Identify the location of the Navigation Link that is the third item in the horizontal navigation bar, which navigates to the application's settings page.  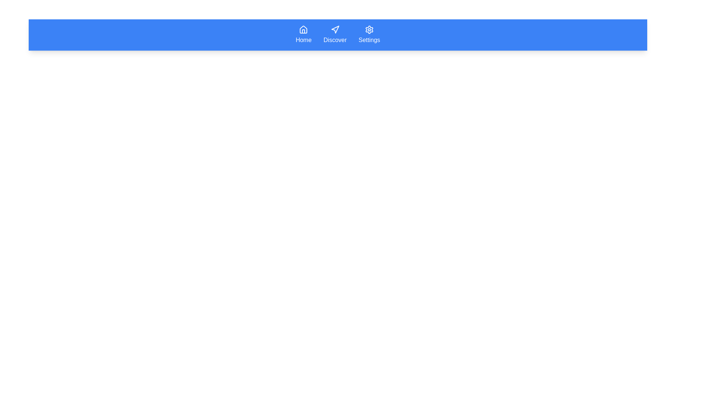
(369, 35).